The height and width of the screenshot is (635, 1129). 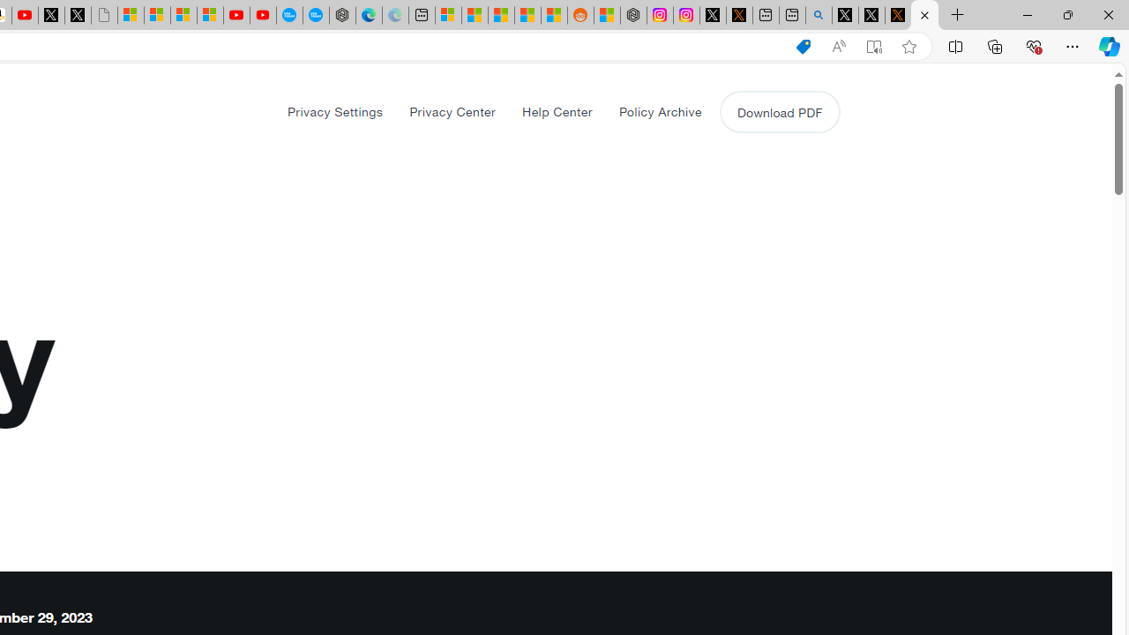 What do you see at coordinates (923, 15) in the screenshot?
I see `'Close tab'` at bounding box center [923, 15].